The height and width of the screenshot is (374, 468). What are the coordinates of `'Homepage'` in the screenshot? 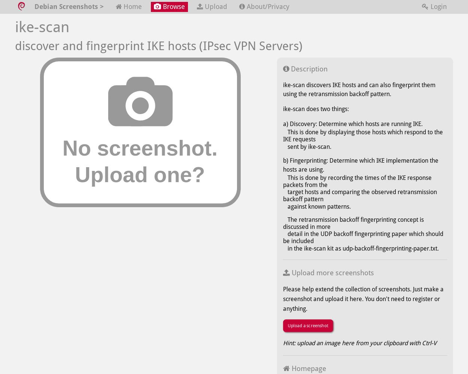 It's located at (307, 368).